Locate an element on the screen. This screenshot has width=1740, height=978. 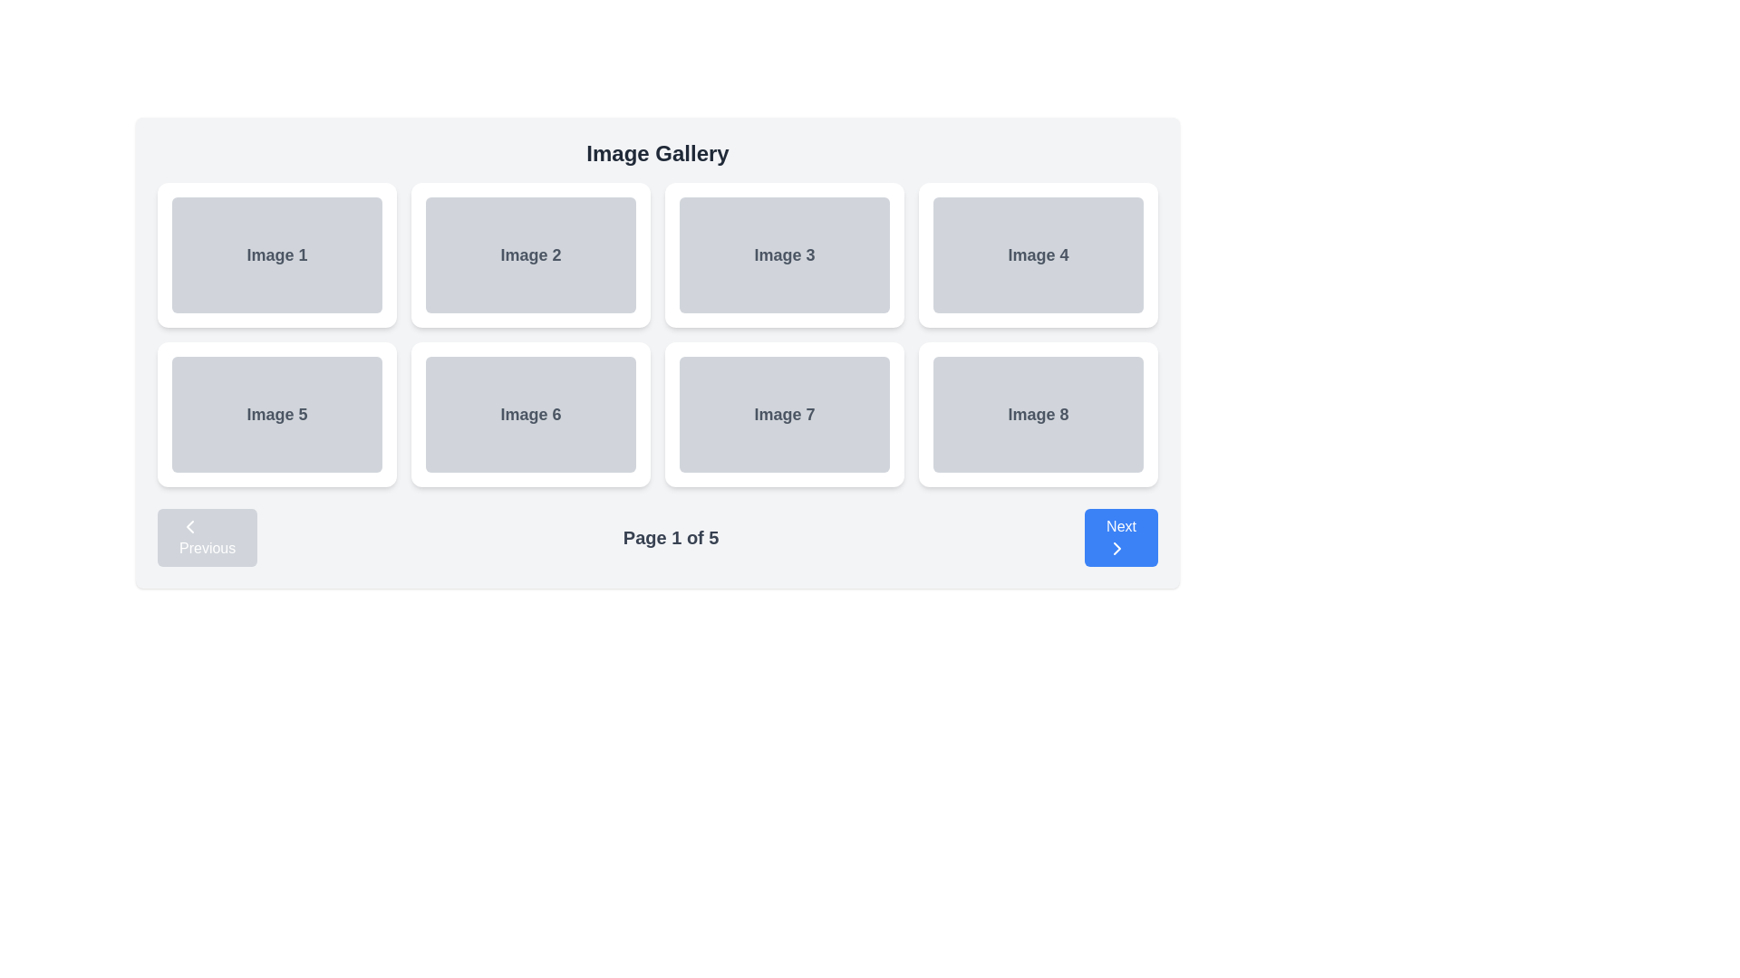
the Gallery tile labeled 'Image 8' which has a light gray background and rounded corners, located in the second row and fourth column of a 4x2 grid layout is located at coordinates (1039, 415).